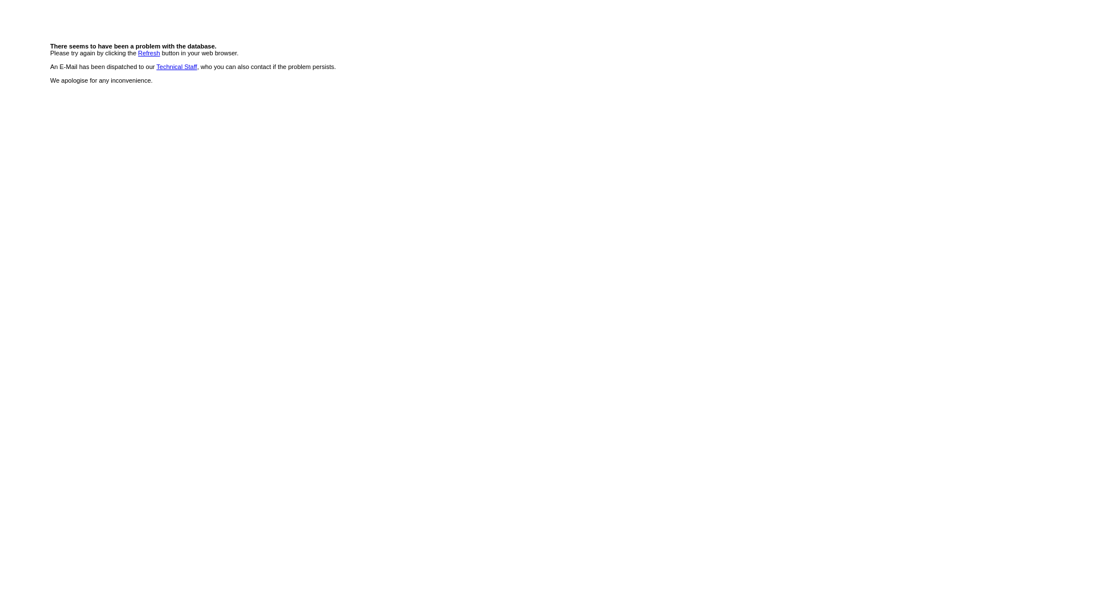 The image size is (1095, 616). Describe the element at coordinates (176, 66) in the screenshot. I see `'Technical Staff'` at that location.